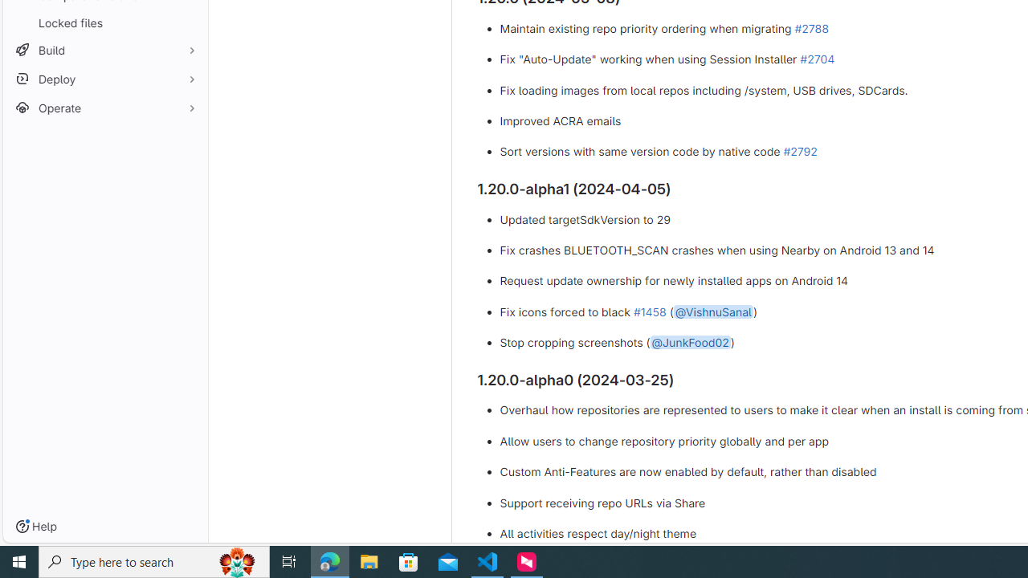 The width and height of the screenshot is (1028, 578). What do you see at coordinates (104, 49) in the screenshot?
I see `'Build'` at bounding box center [104, 49].